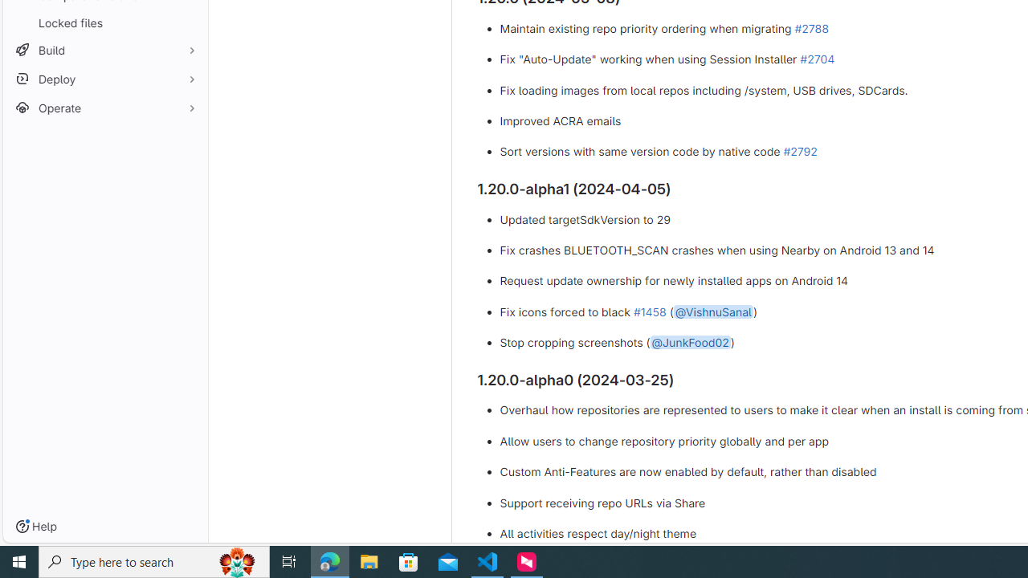 The width and height of the screenshot is (1028, 578). What do you see at coordinates (104, 49) in the screenshot?
I see `'Build'` at bounding box center [104, 49].